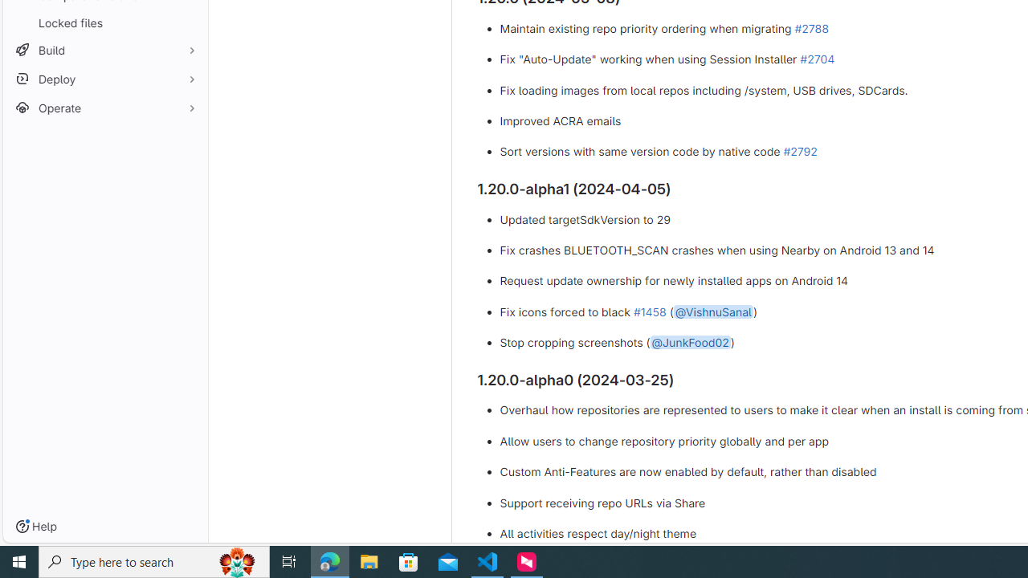 The width and height of the screenshot is (1028, 578). What do you see at coordinates (104, 49) in the screenshot?
I see `'Build'` at bounding box center [104, 49].